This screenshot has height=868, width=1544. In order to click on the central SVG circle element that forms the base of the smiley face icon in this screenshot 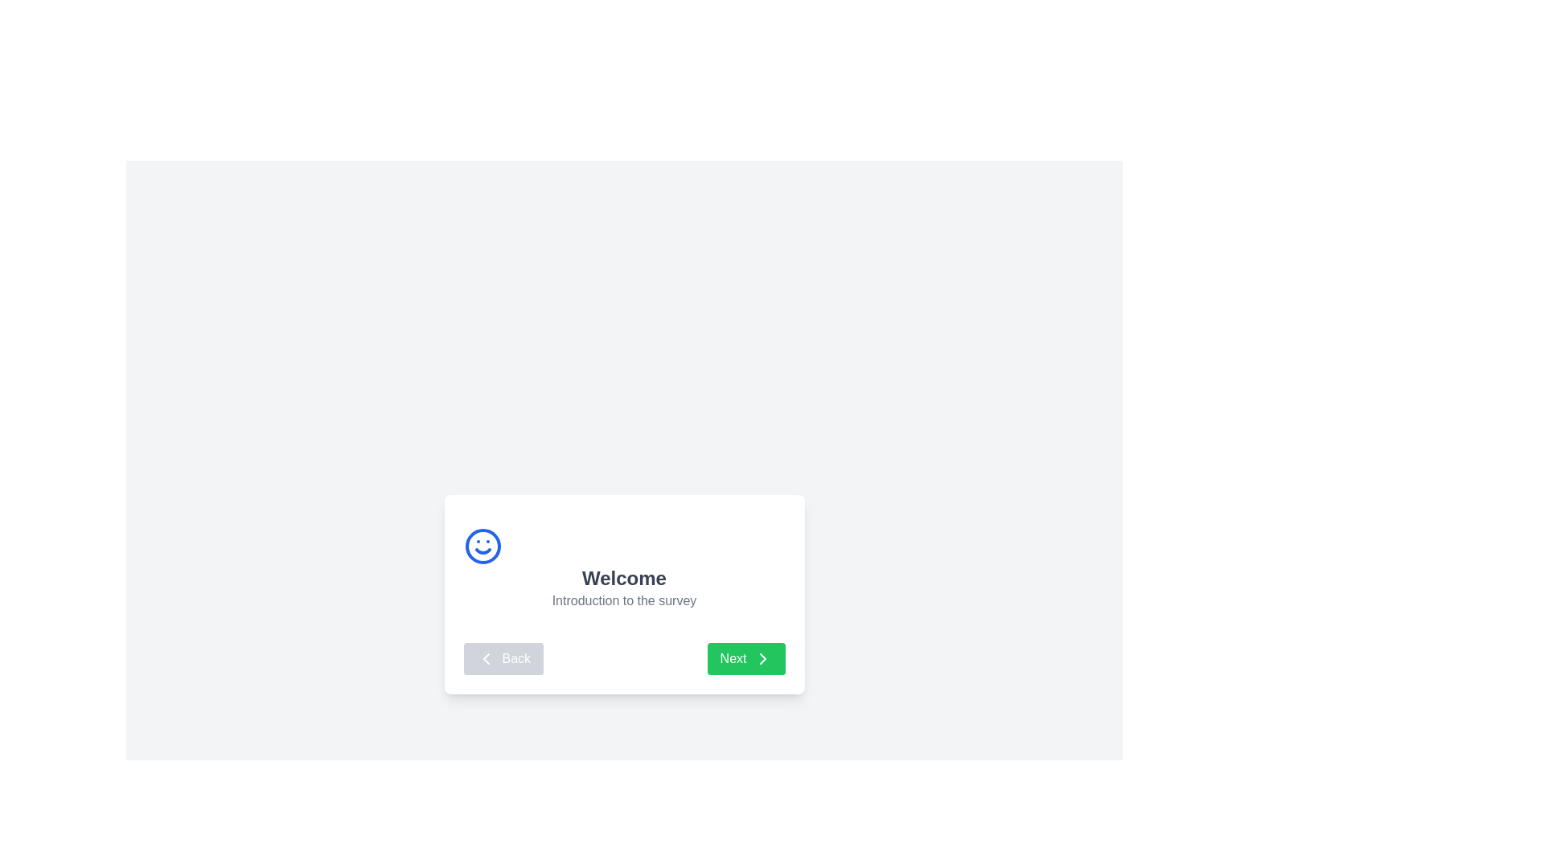, I will do `click(482, 545)`.